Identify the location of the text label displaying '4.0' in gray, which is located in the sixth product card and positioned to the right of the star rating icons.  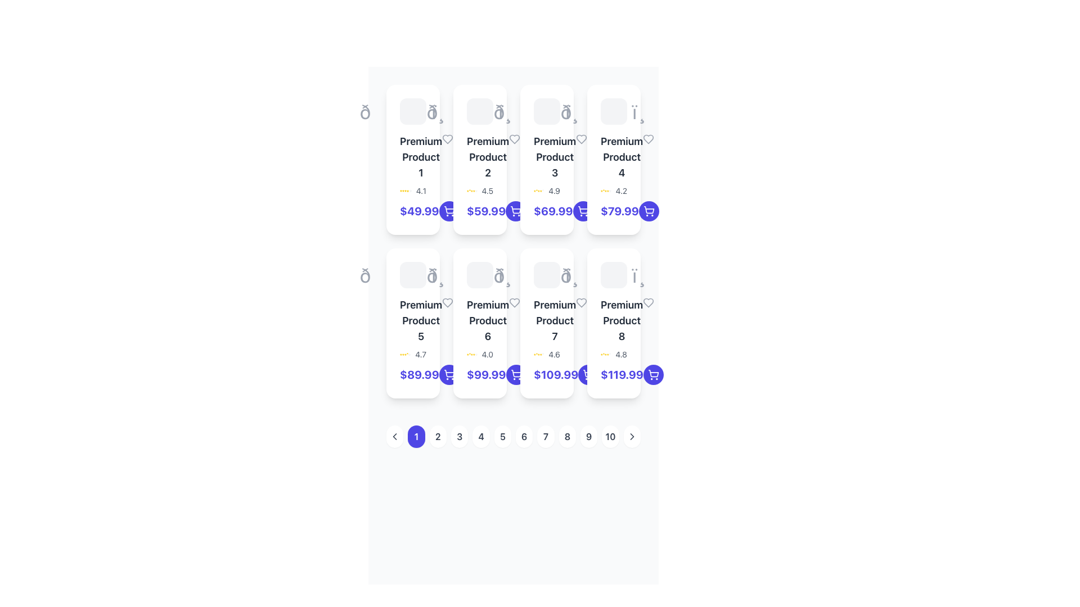
(487, 355).